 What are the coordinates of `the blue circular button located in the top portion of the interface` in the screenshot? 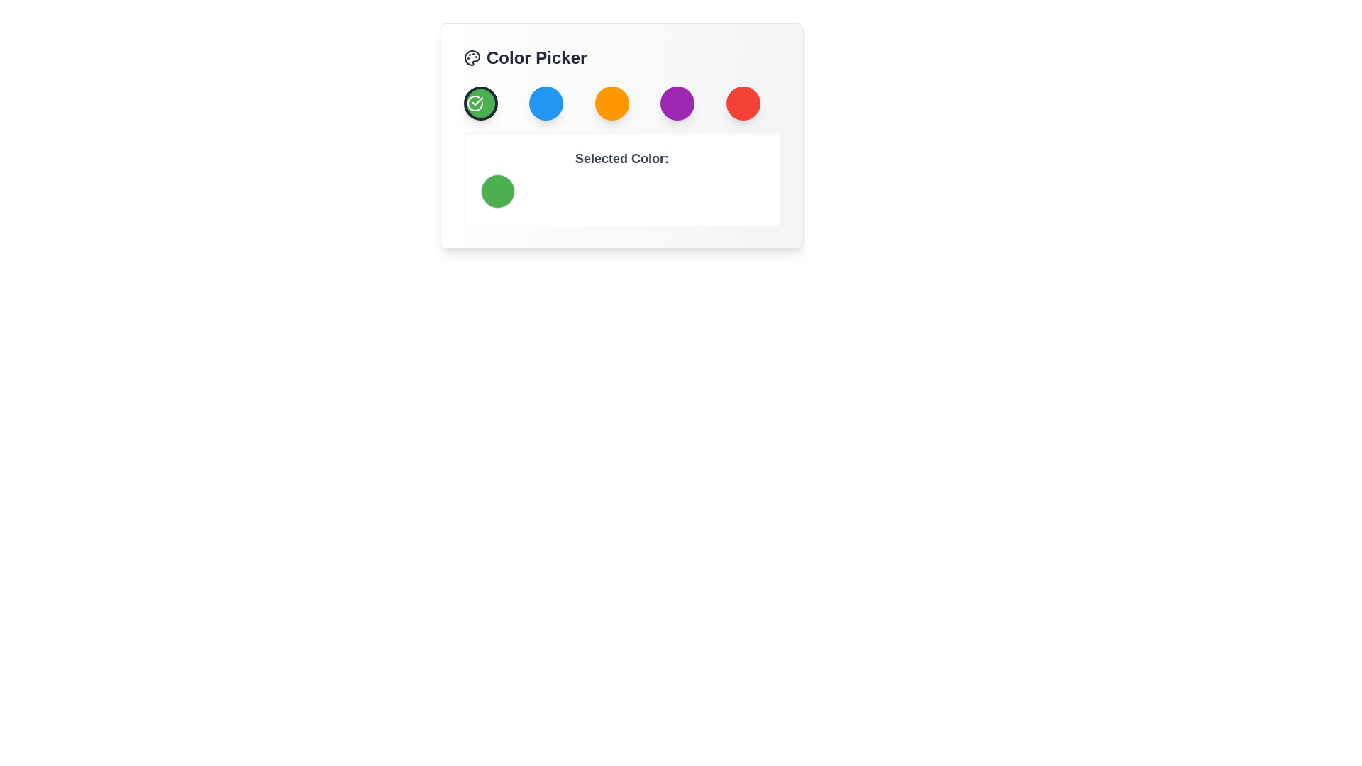 It's located at (546, 103).